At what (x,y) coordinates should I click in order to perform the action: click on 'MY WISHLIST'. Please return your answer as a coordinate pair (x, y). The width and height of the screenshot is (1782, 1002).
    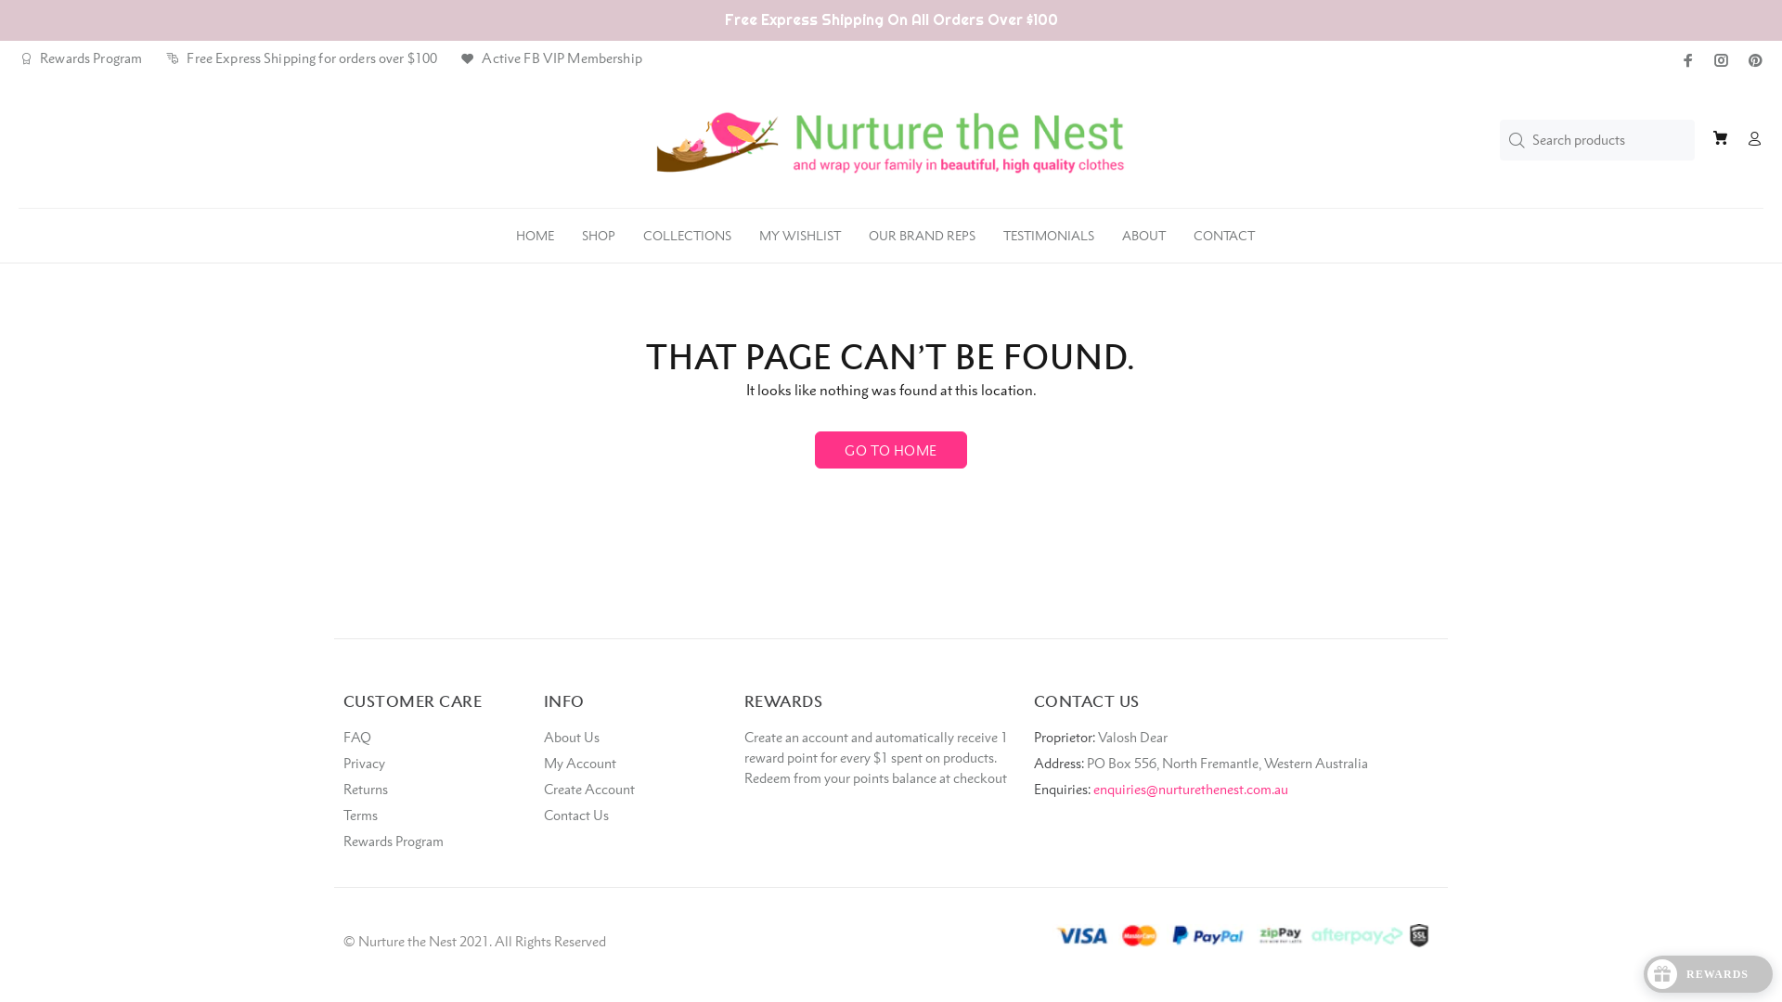
    Looking at the image, I should click on (800, 230).